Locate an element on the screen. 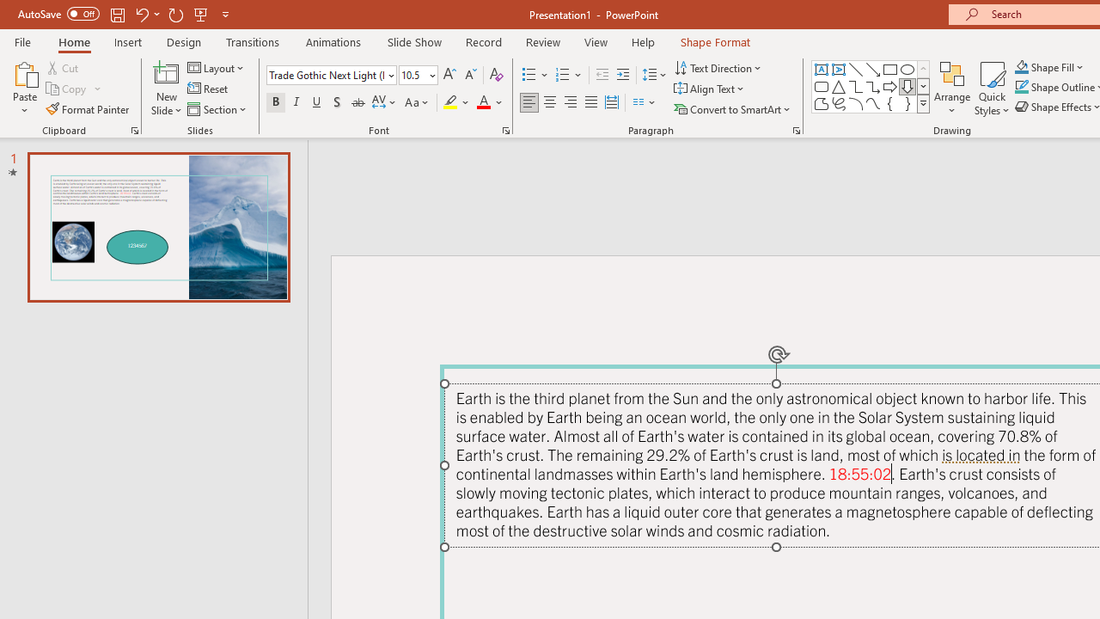 The image size is (1100, 619). 'Change Case' is located at coordinates (418, 102).